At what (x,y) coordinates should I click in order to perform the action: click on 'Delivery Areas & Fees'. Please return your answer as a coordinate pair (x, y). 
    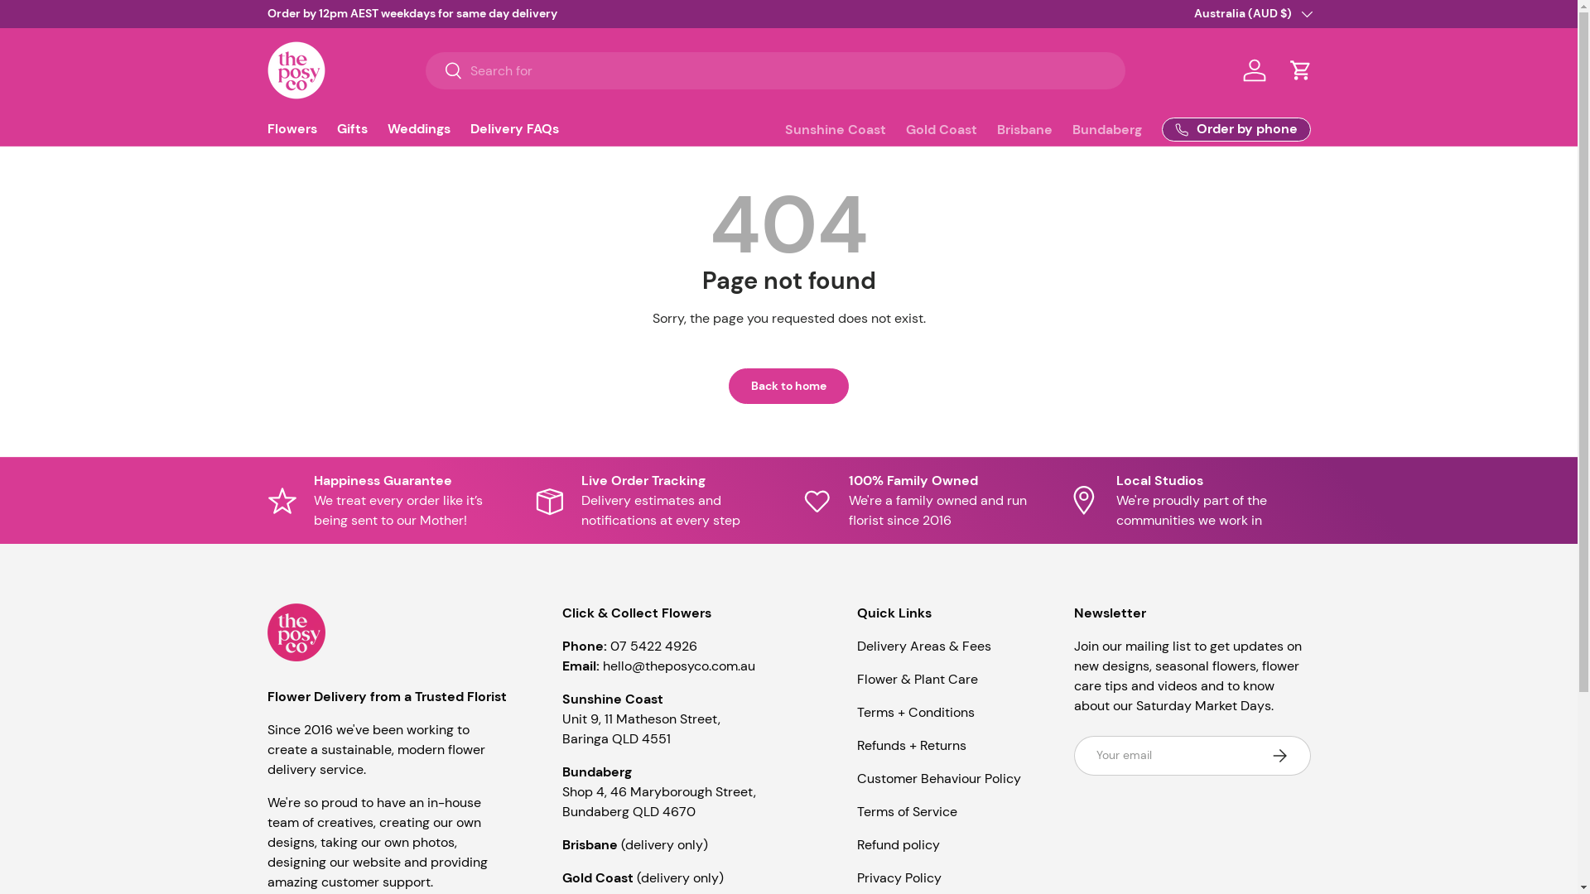
    Looking at the image, I should click on (922, 645).